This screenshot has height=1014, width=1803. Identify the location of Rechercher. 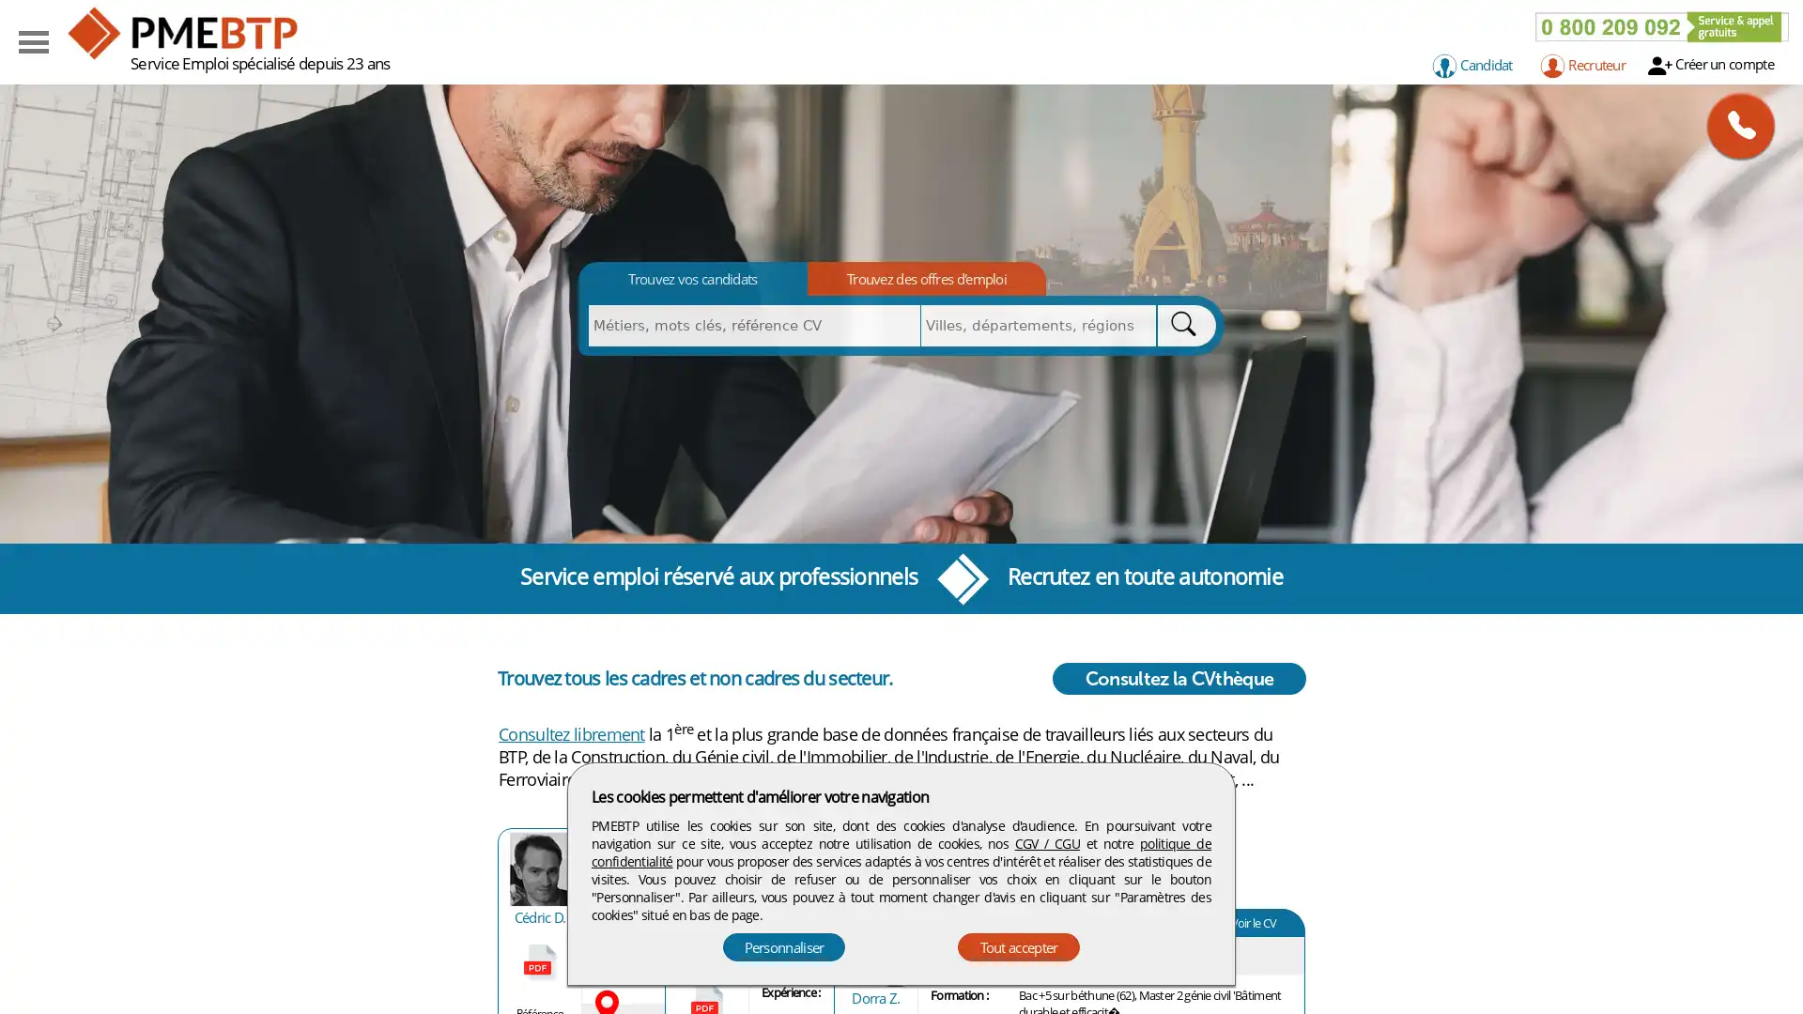
(1184, 325).